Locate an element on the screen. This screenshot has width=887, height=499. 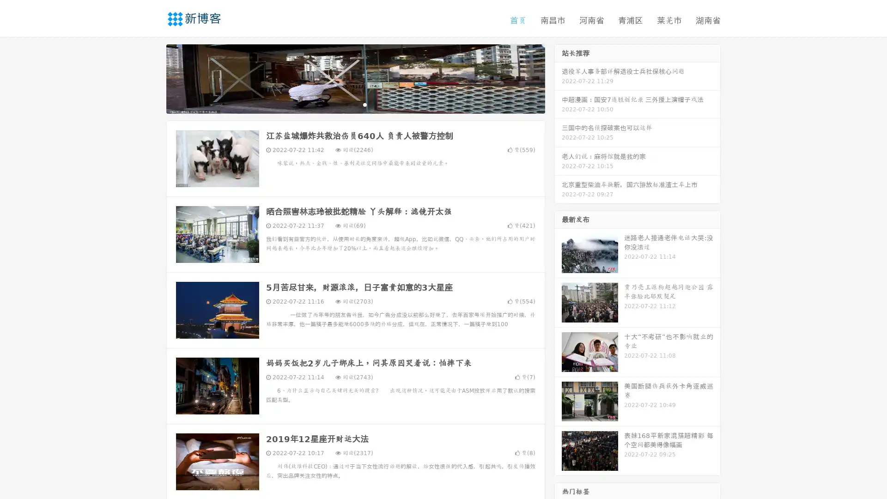
Go to slide 3 is located at coordinates (365, 104).